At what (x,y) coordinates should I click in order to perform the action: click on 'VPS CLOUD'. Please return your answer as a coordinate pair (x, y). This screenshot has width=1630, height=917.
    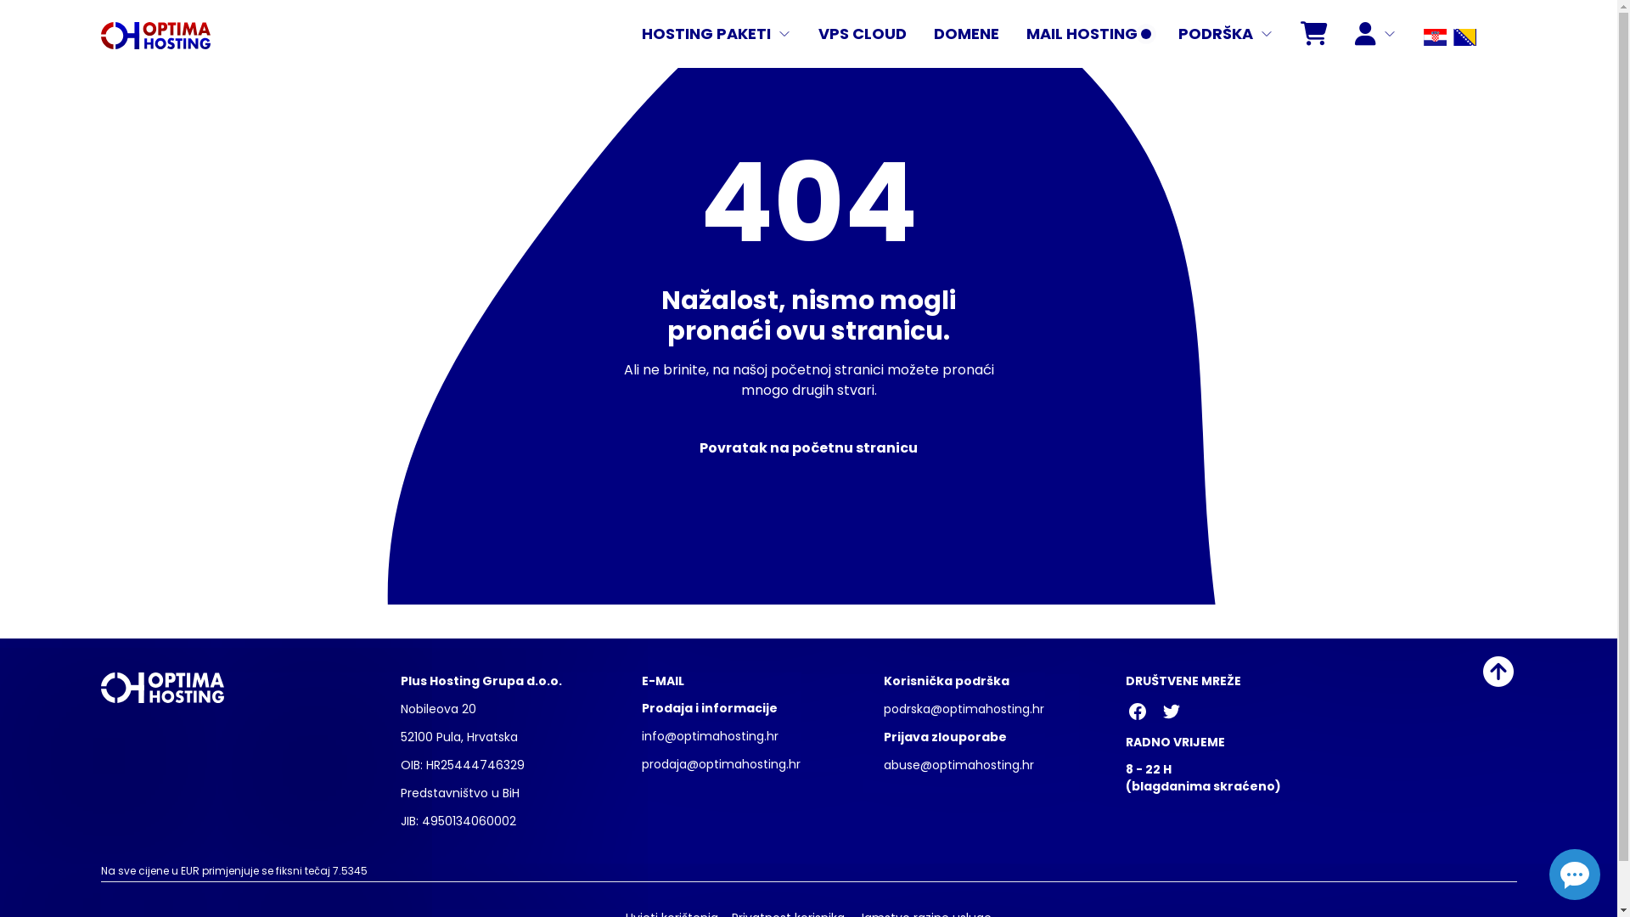
    Looking at the image, I should click on (863, 33).